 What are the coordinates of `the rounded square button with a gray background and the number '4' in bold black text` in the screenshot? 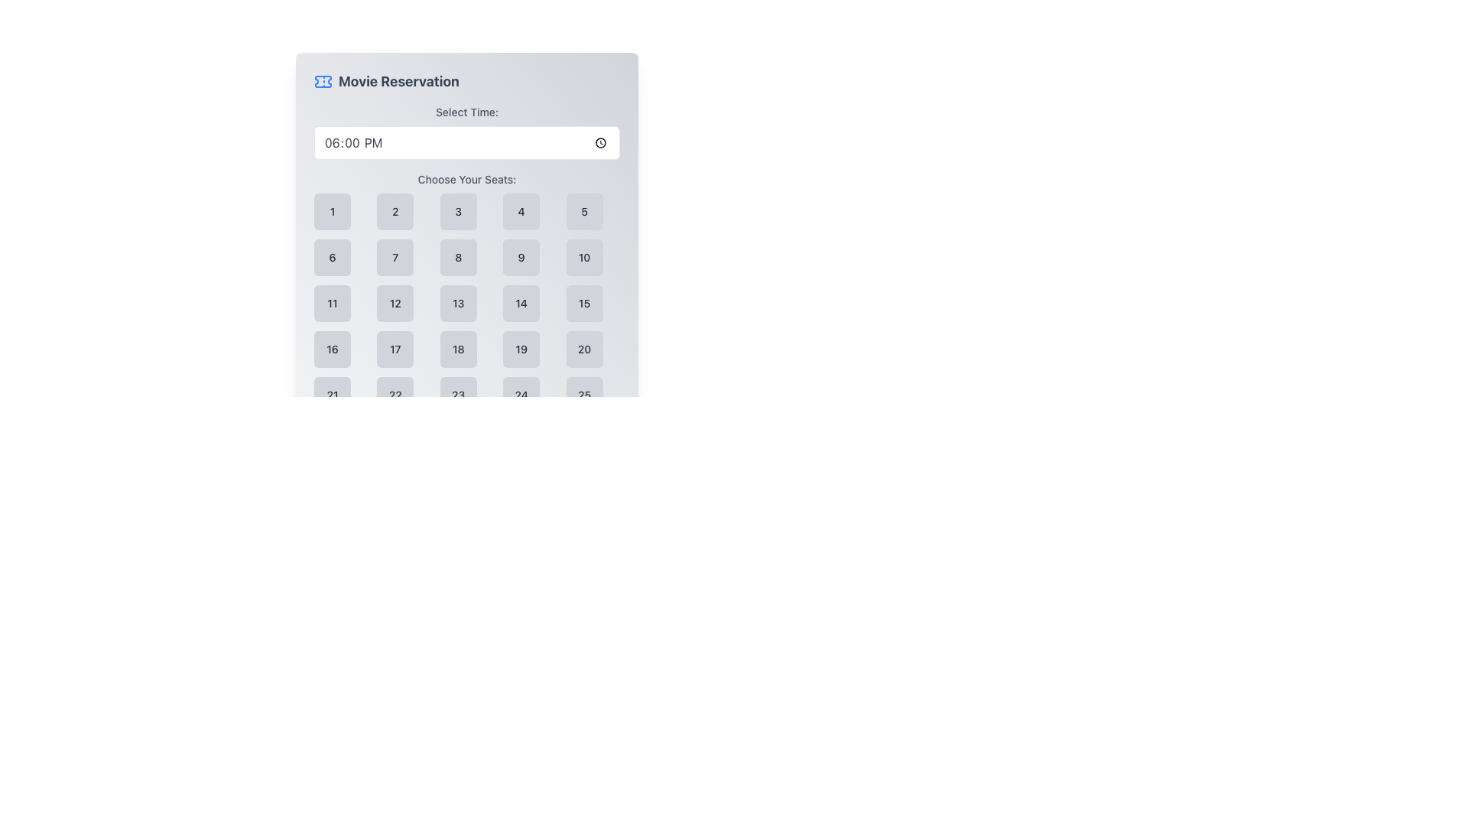 It's located at (521, 212).